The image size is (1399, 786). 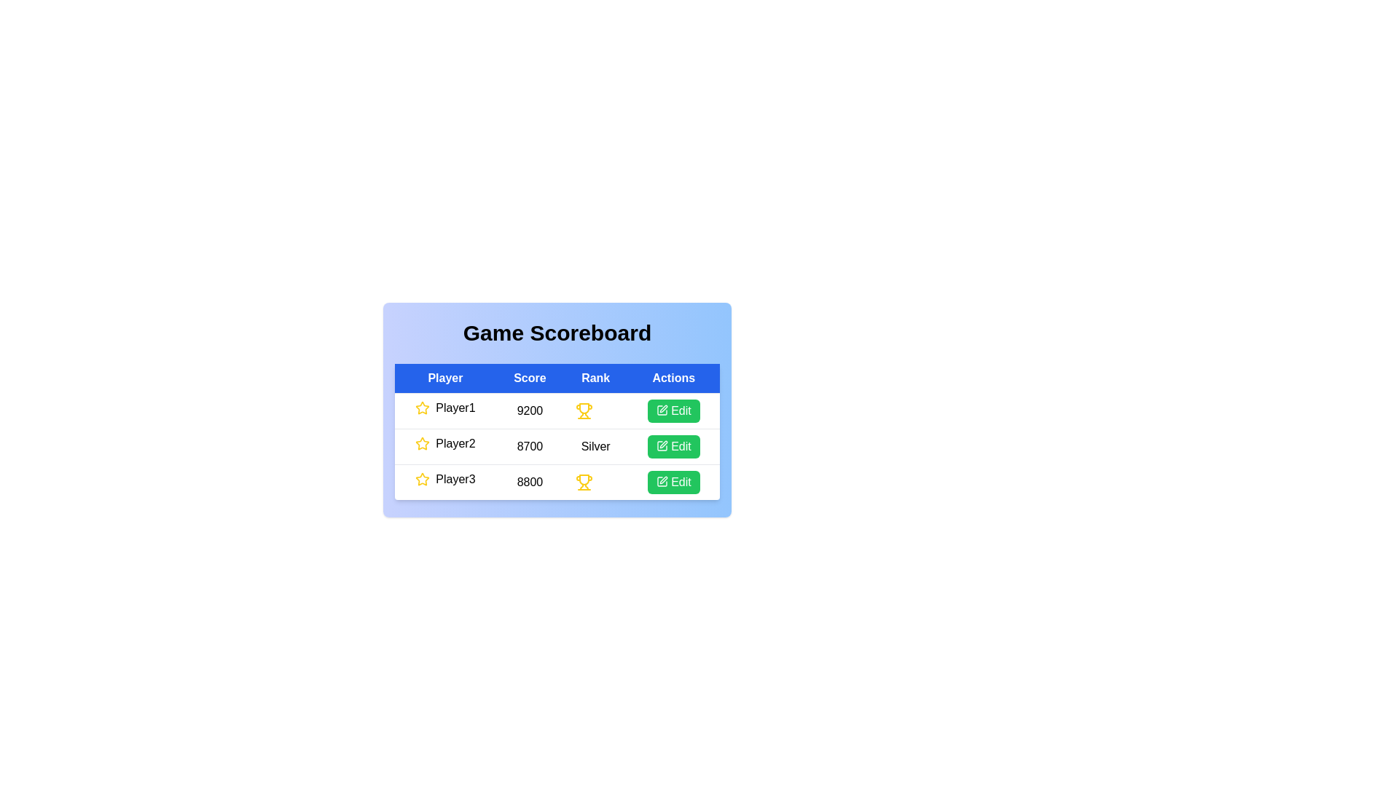 What do you see at coordinates (422, 408) in the screenshot?
I see `the star icon for player 1` at bounding box center [422, 408].